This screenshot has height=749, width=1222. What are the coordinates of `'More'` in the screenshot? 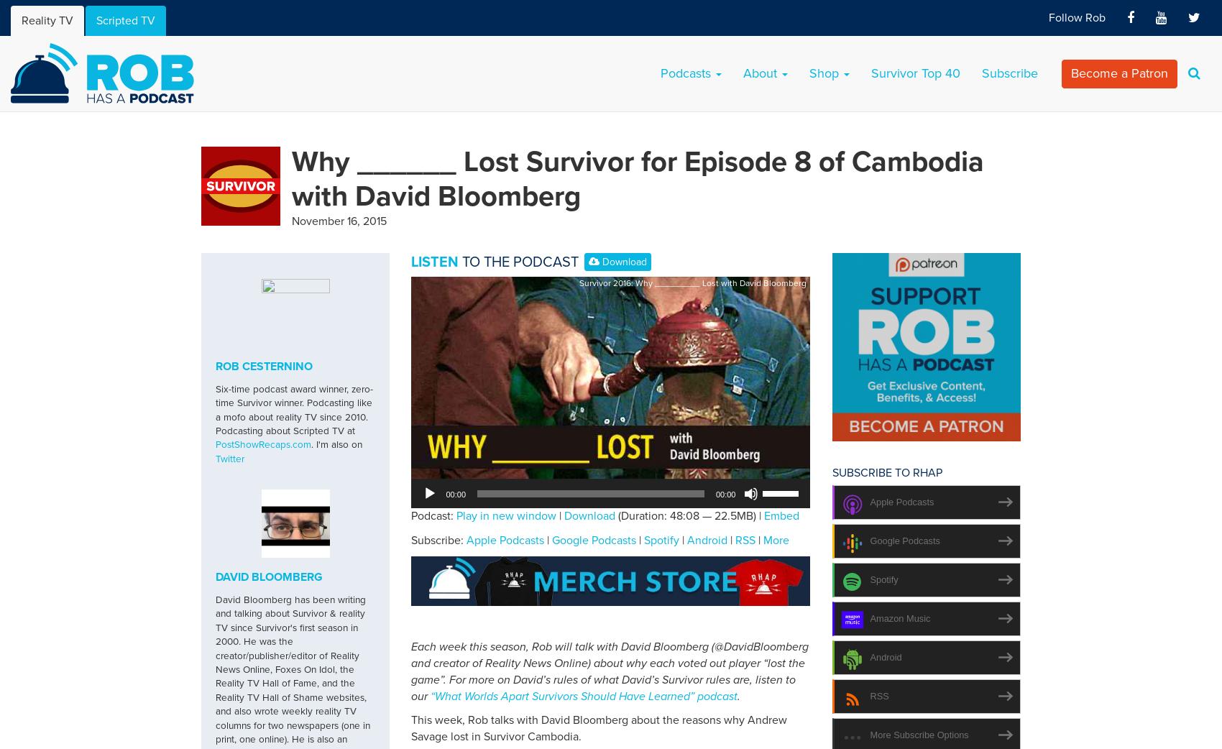 It's located at (776, 538).